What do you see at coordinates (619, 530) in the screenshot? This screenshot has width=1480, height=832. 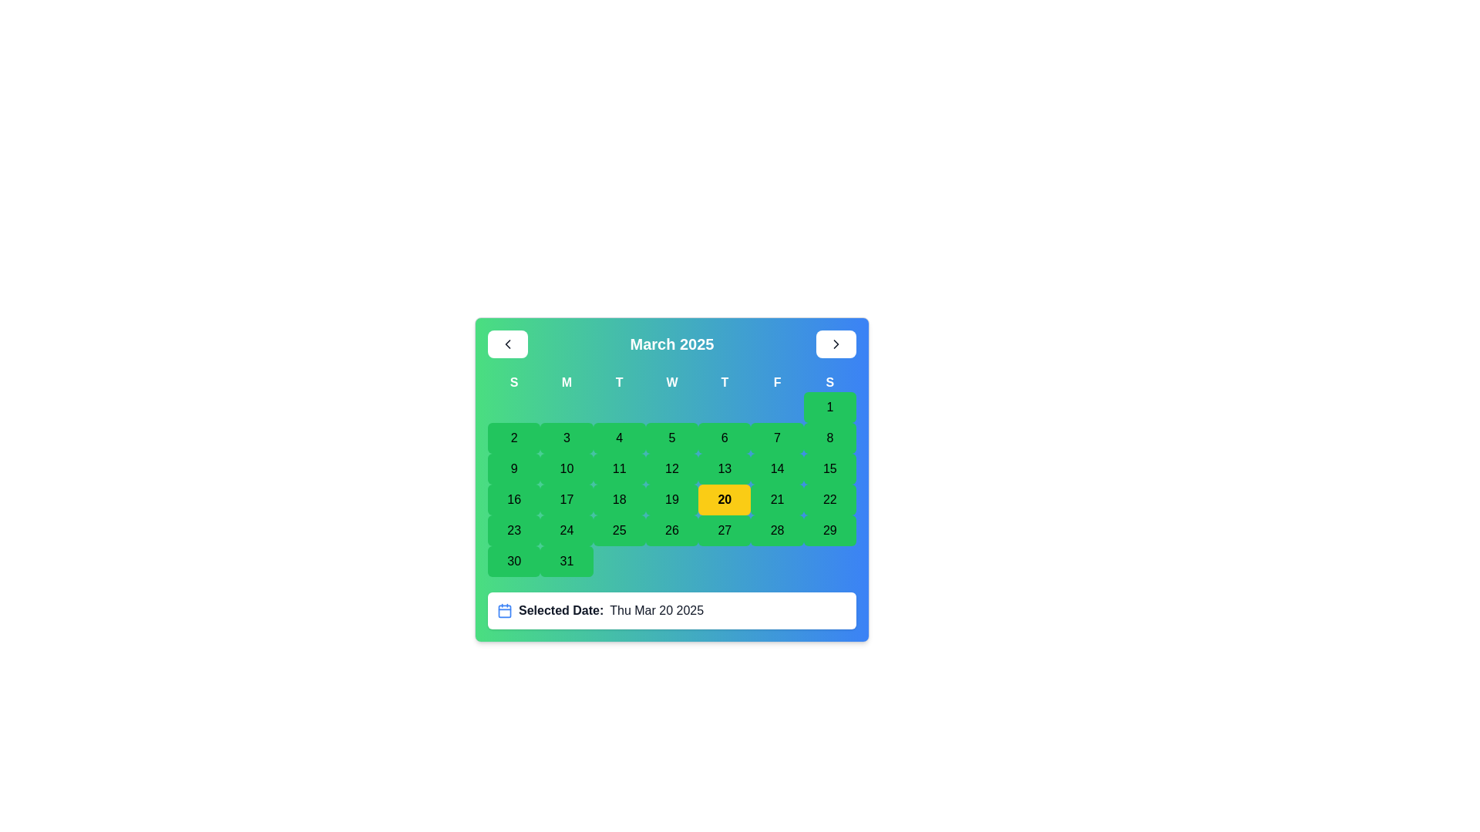 I see `the green rectangular button labeled '25' in the last row of the March 2025 calendar grid` at bounding box center [619, 530].